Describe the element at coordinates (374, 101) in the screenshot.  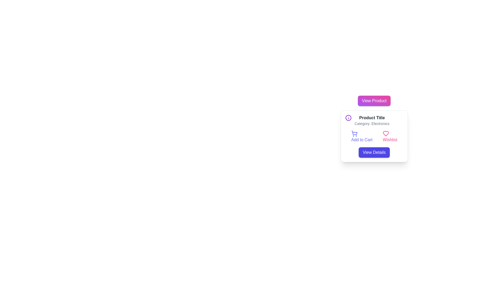
I see `the 'View Product' button, which has a gradient background from purple to pink and features white text, to observe its hover effects` at that location.